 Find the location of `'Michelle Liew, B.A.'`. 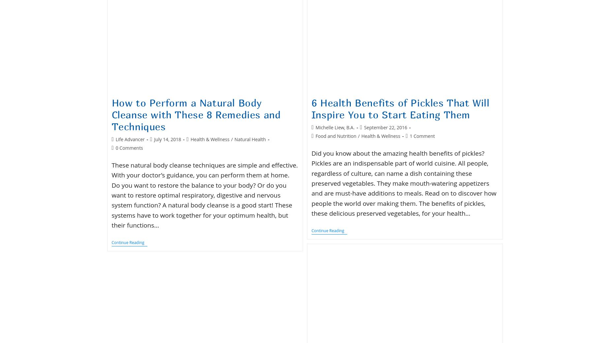

'Michelle Liew, B.A.' is located at coordinates (315, 127).